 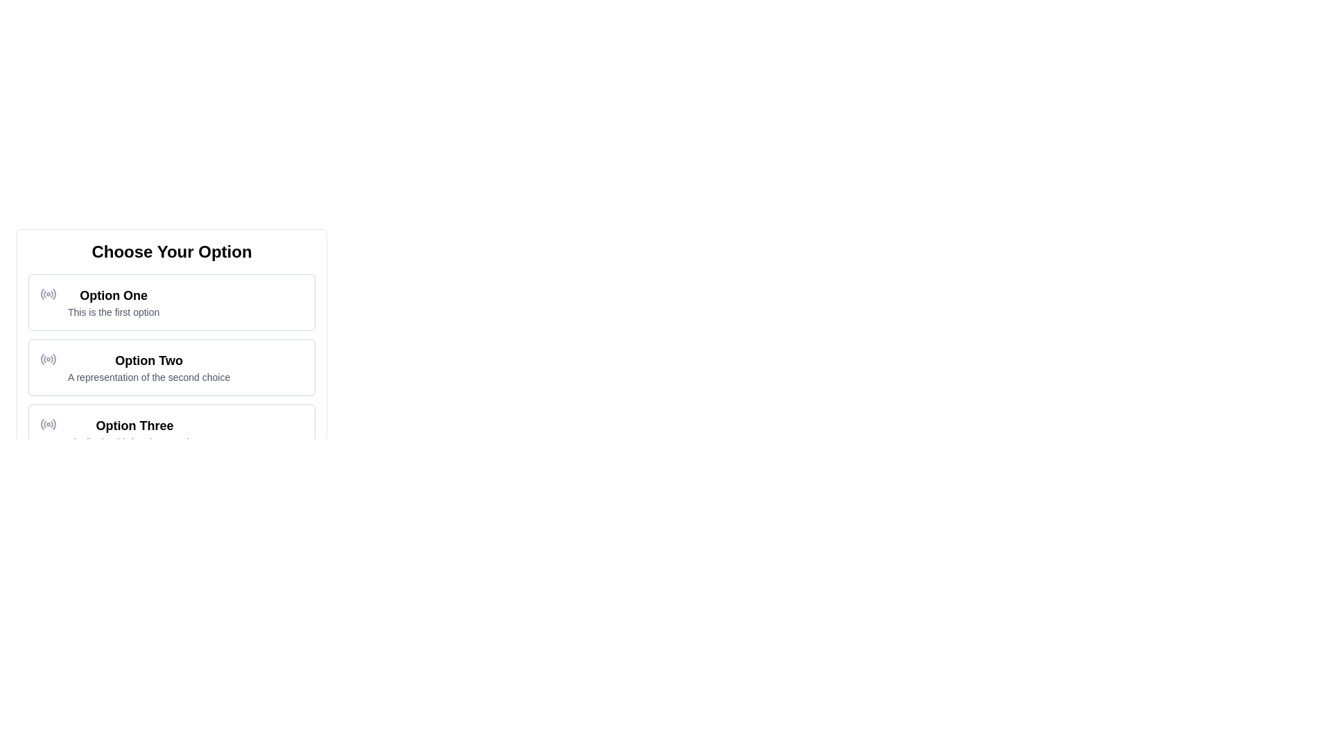 I want to click on the text label displaying 'A representation of the second choice' located below the 'Option Two' heading in a gray font, so click(x=149, y=377).